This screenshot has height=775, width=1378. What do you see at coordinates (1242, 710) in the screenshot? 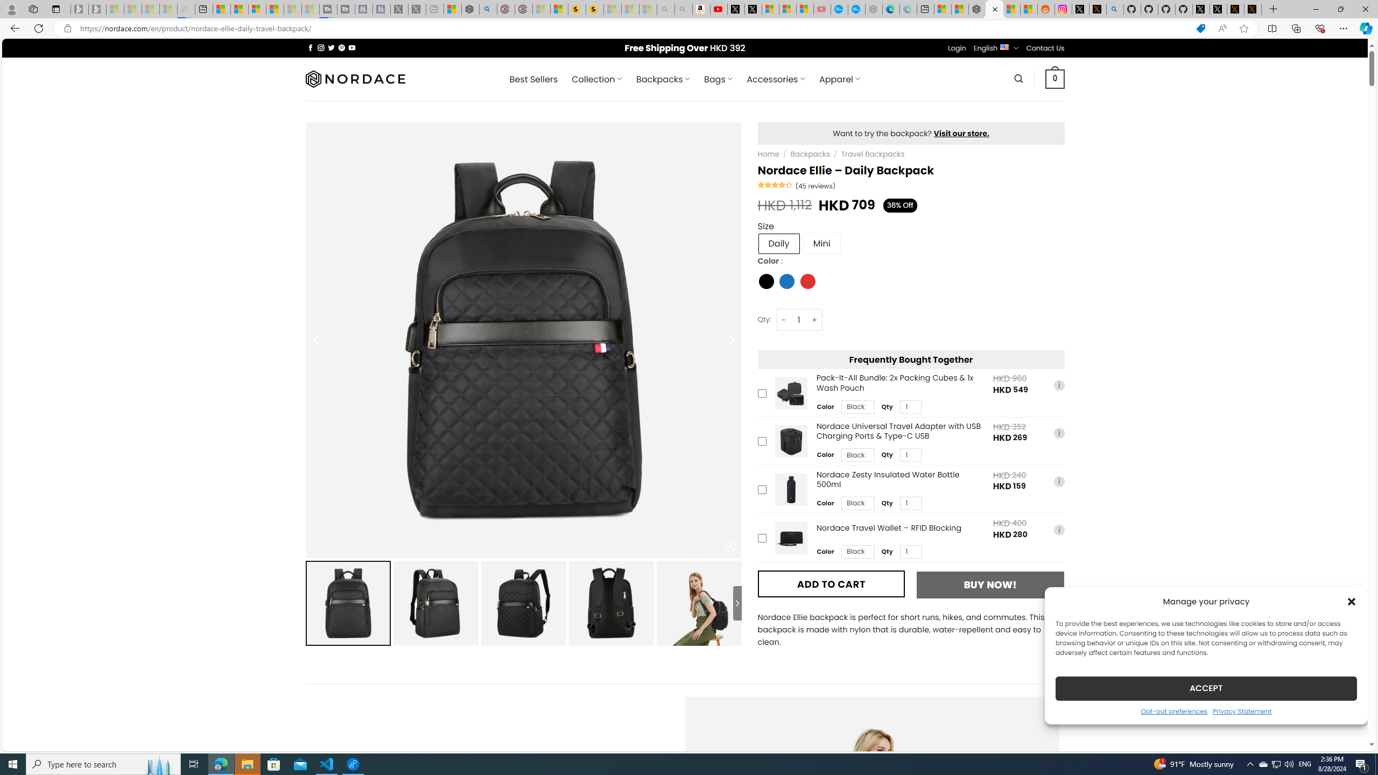
I see `'Privacy Statement'` at bounding box center [1242, 710].